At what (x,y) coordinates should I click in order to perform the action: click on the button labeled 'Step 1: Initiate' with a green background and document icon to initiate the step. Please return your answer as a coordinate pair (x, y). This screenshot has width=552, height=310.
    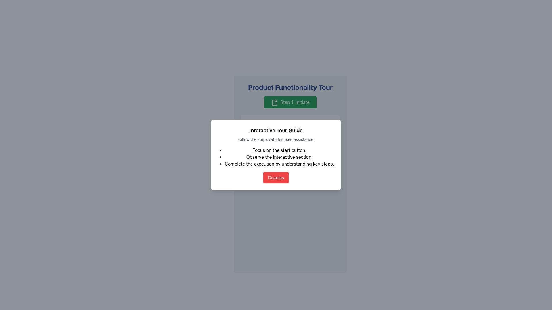
    Looking at the image, I should click on (290, 102).